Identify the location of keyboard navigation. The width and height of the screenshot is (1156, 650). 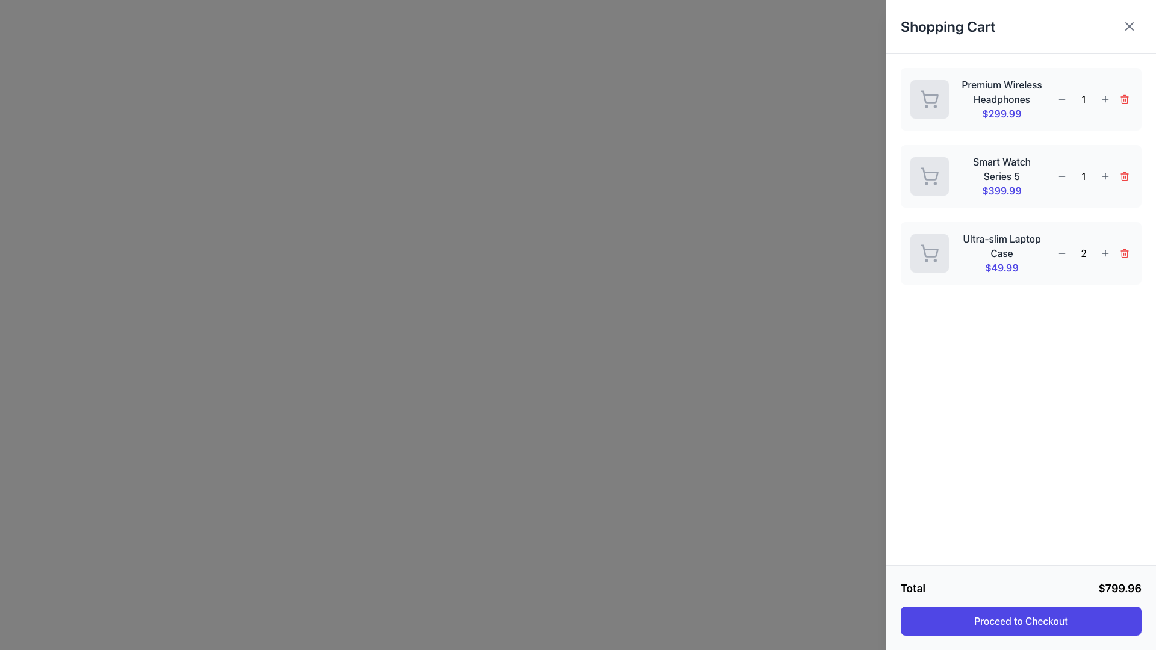
(1123, 176).